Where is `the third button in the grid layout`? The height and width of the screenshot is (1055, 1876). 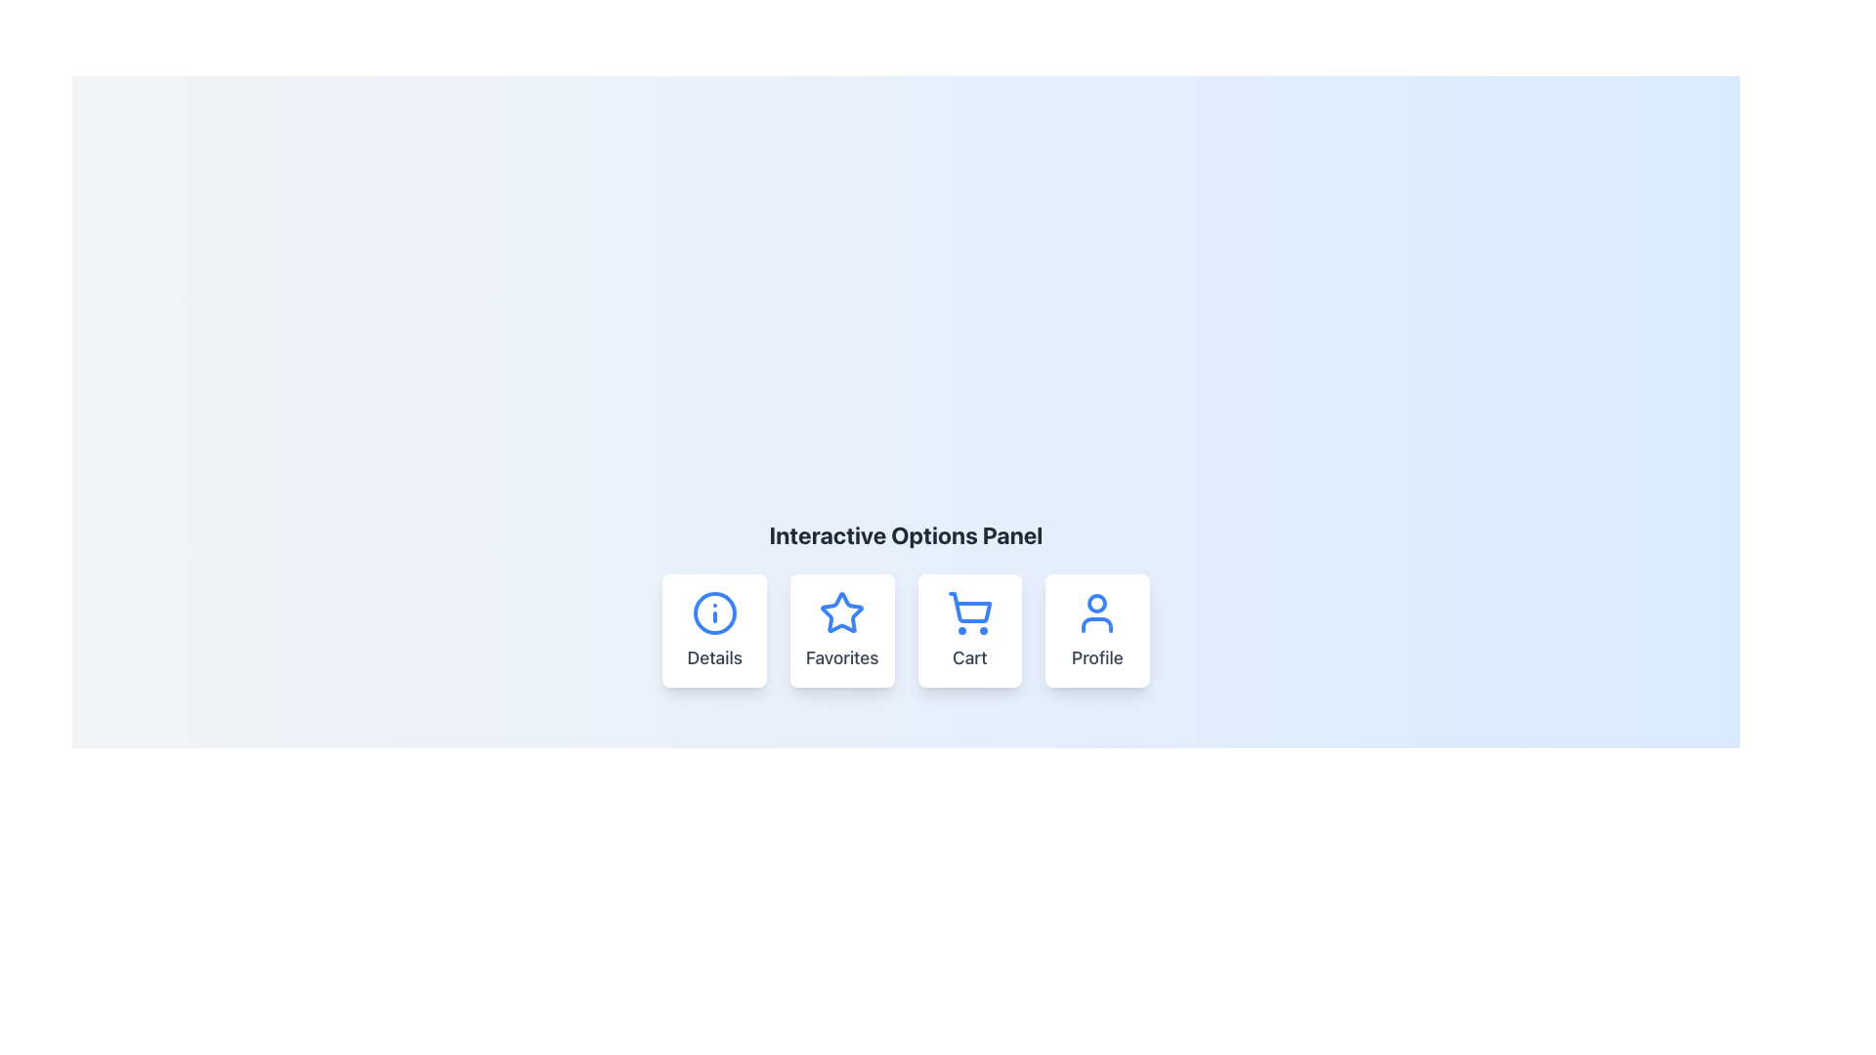 the third button in the grid layout is located at coordinates (969, 630).